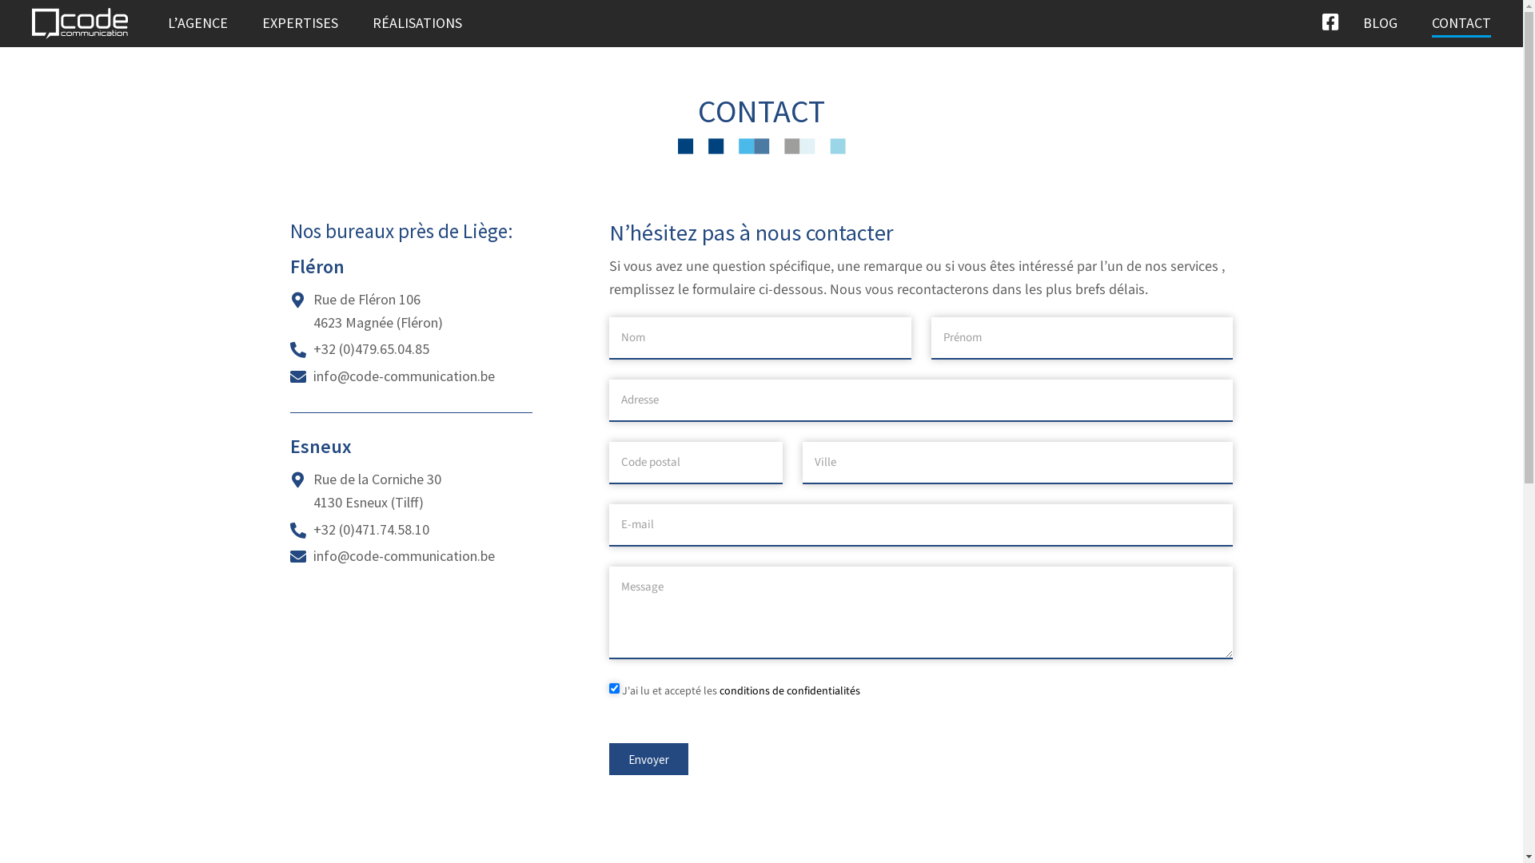 This screenshot has height=863, width=1535. I want to click on 'info@code-communication.be', so click(404, 555).